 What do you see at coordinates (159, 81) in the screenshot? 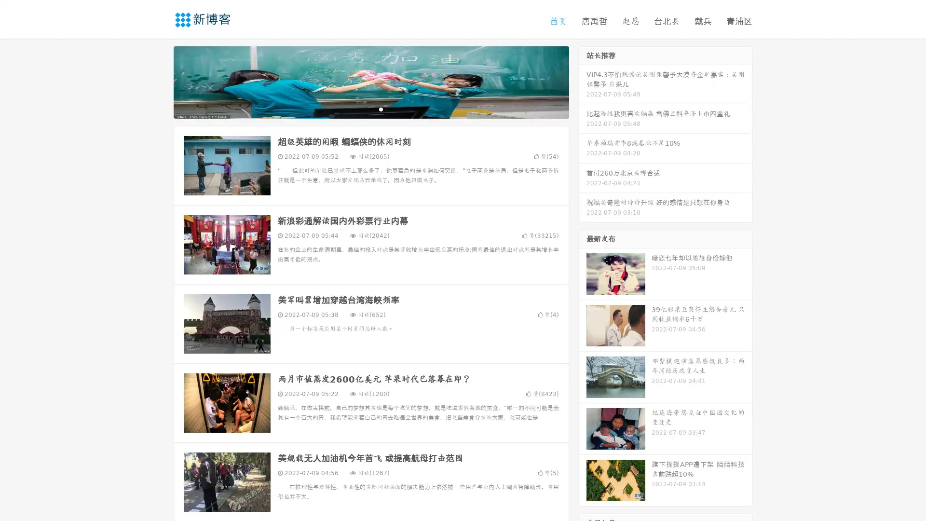
I see `Previous slide` at bounding box center [159, 81].